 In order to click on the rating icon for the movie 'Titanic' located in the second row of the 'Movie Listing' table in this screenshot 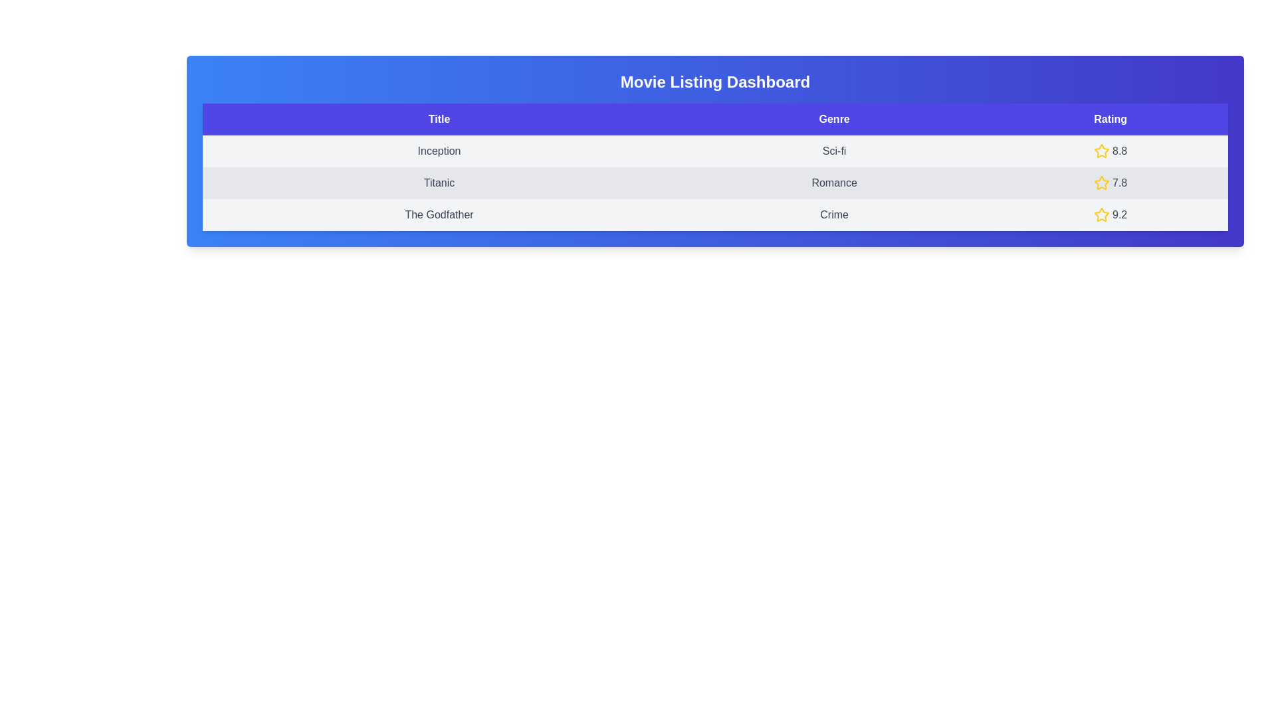, I will do `click(1101, 183)`.